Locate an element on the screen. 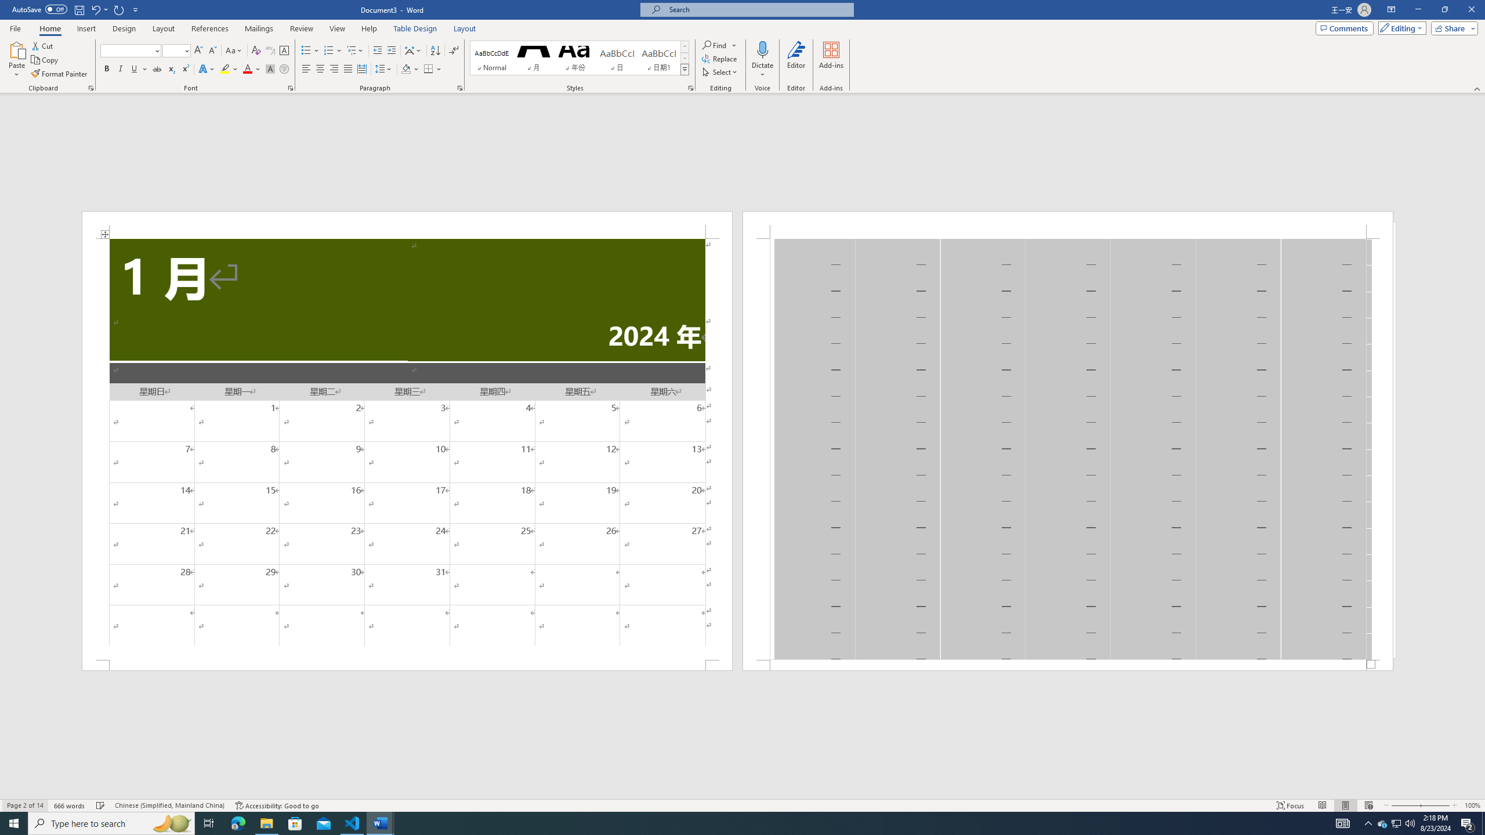  'Justify' is located at coordinates (347, 68).